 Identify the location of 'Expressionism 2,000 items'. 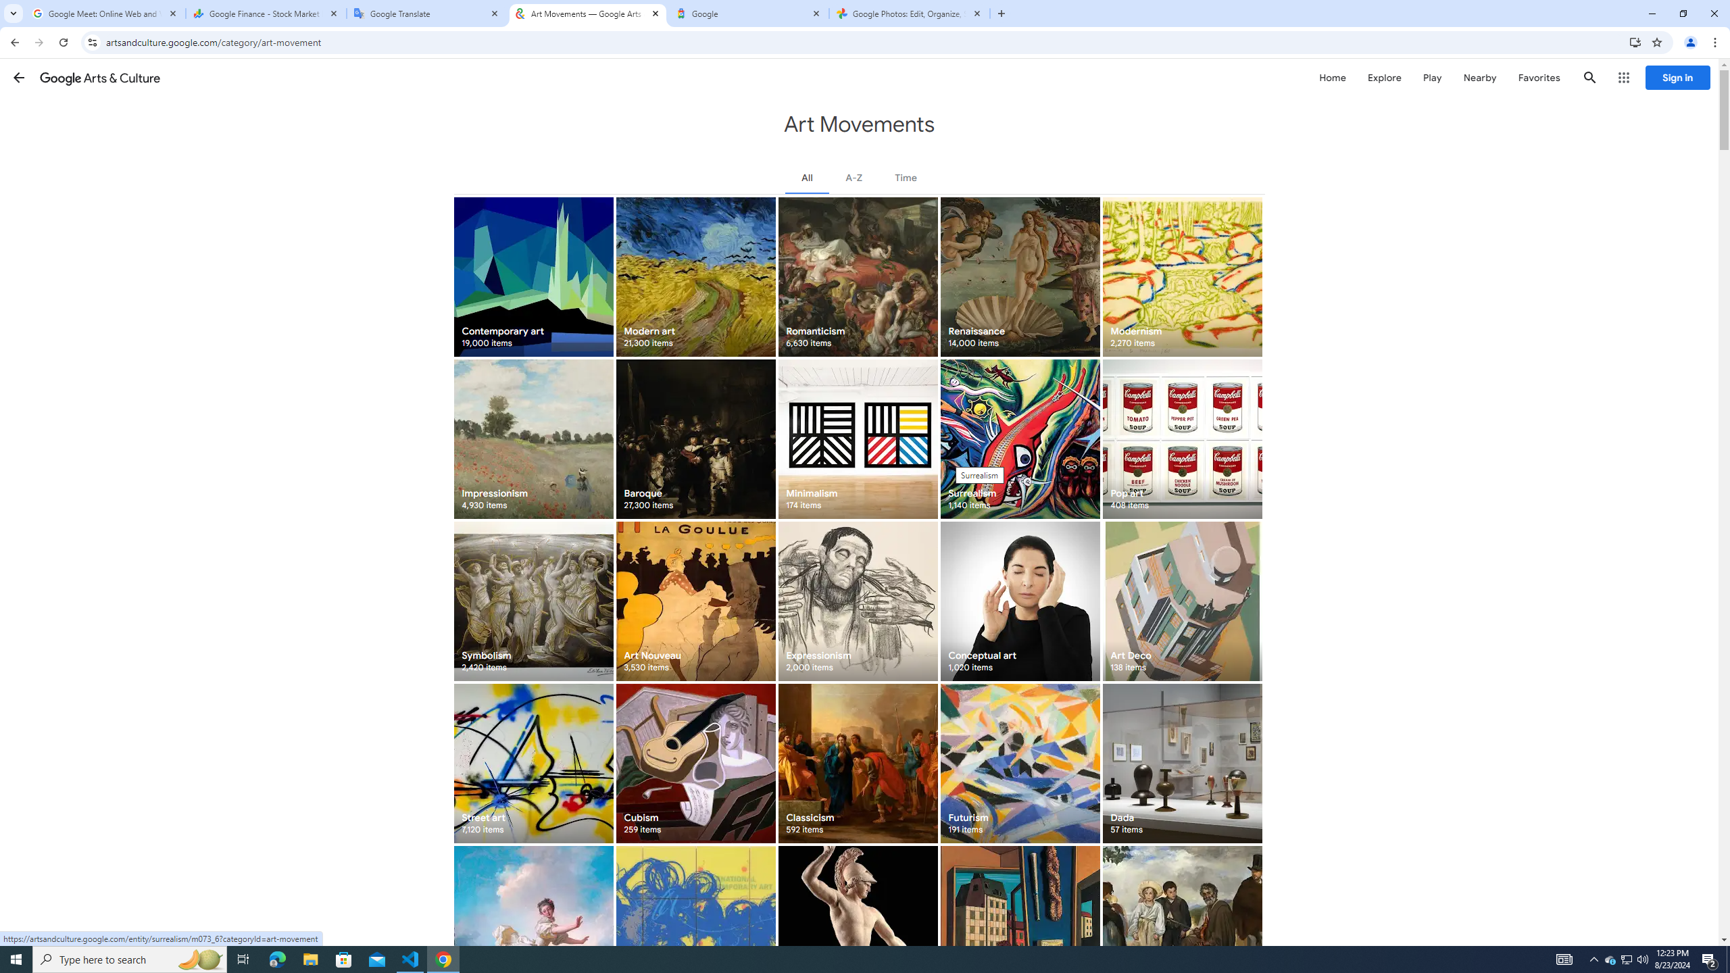
(857, 600).